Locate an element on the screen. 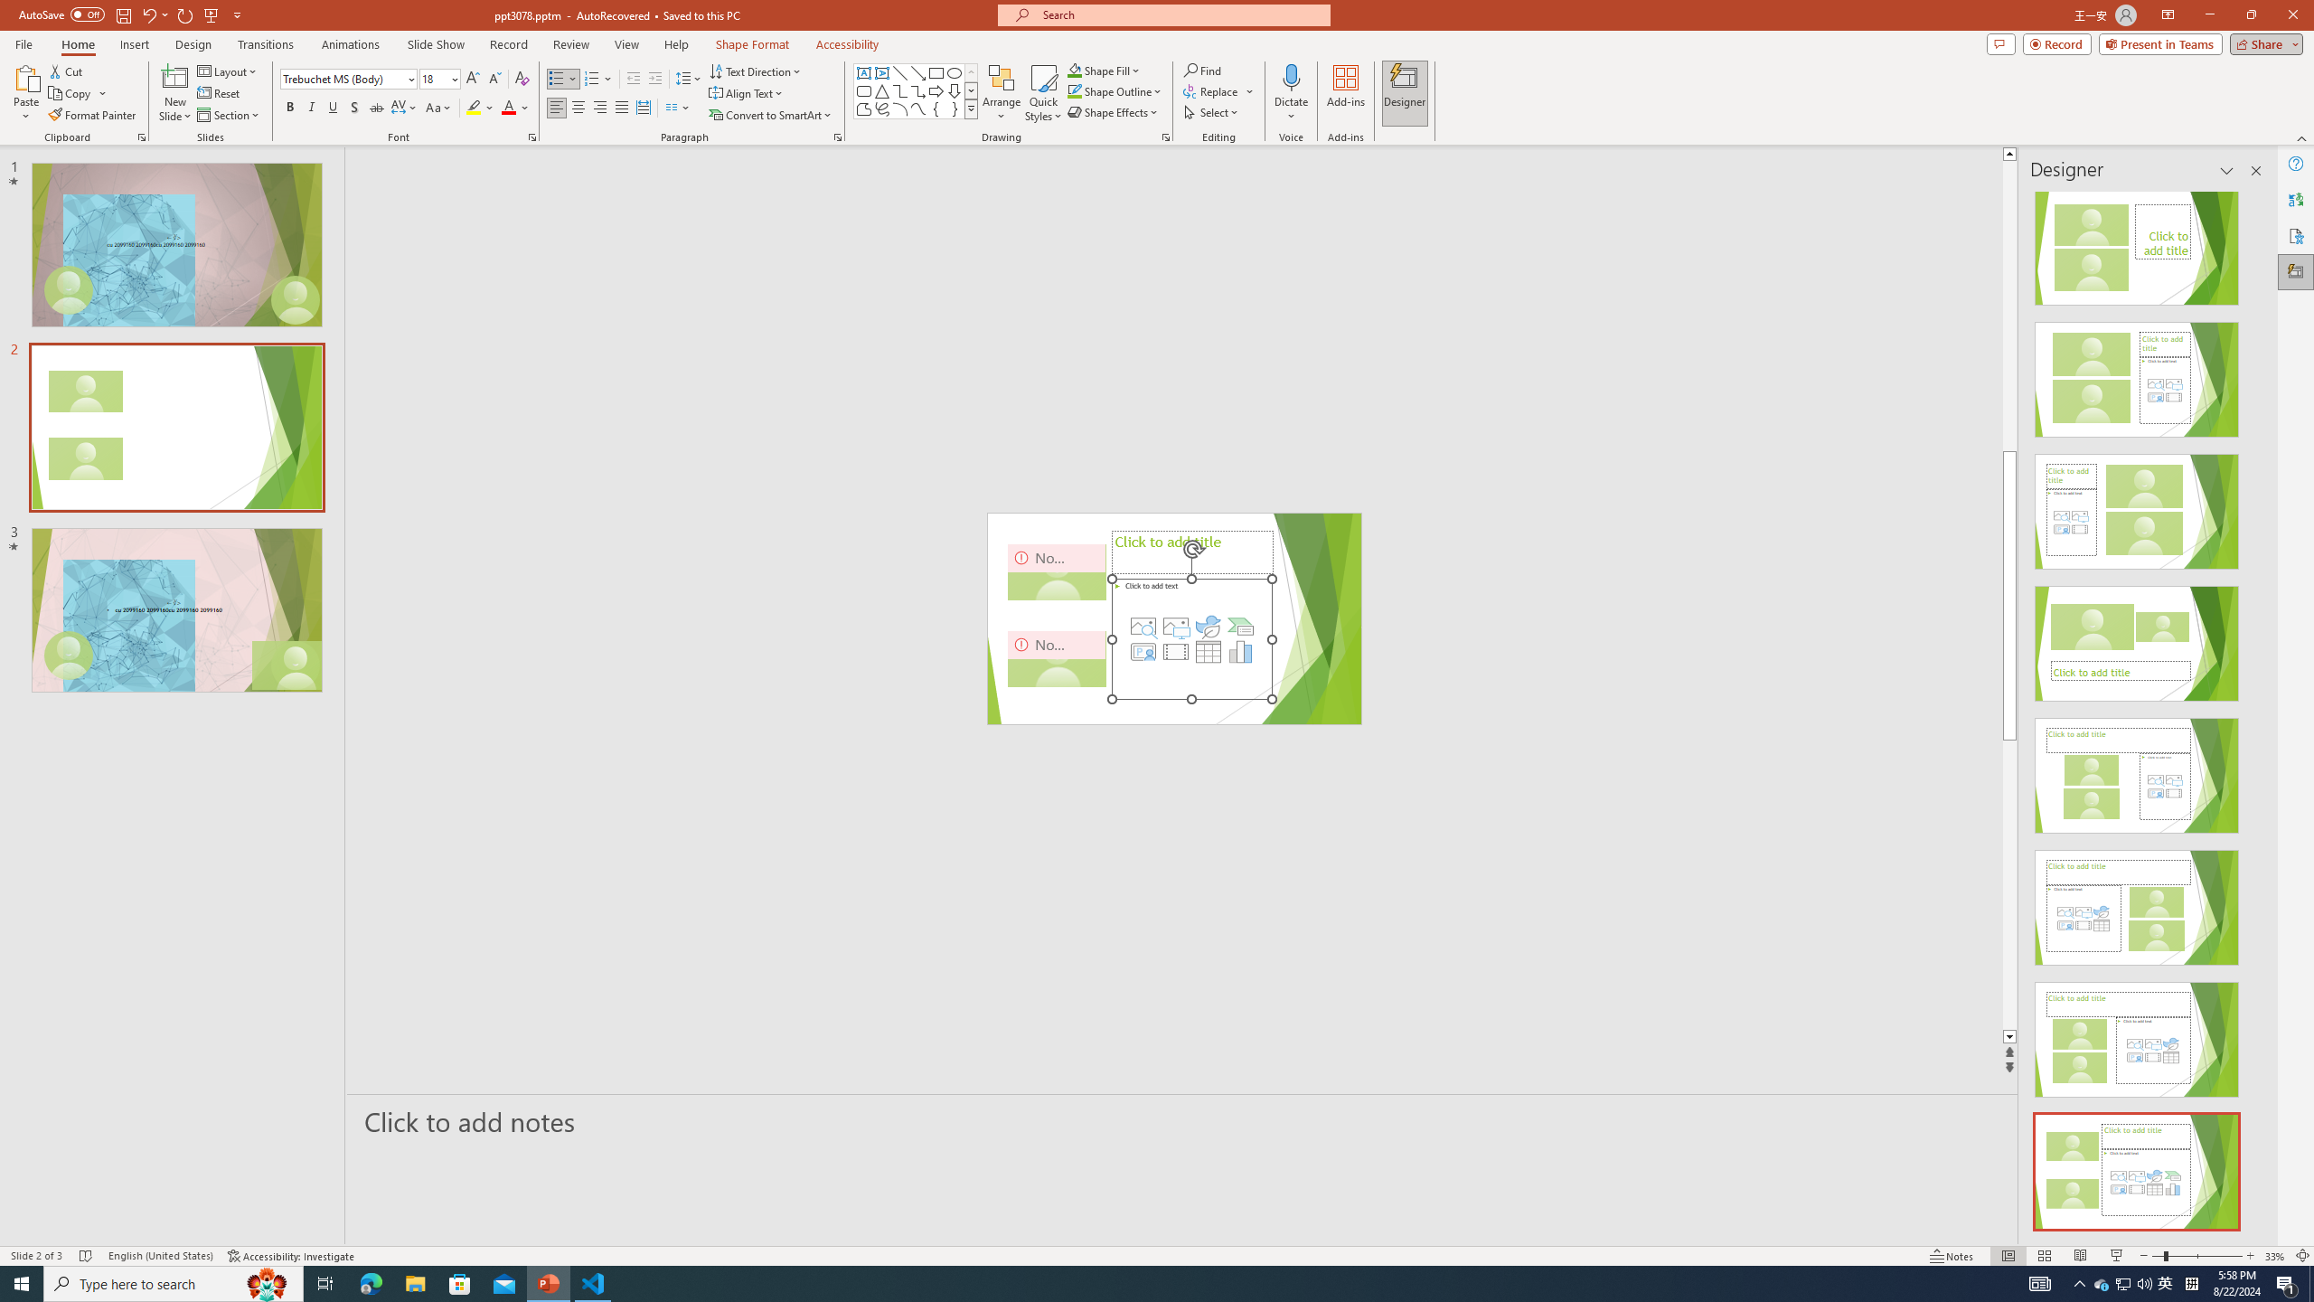 The height and width of the screenshot is (1302, 2314). 'Recommended Design: Design Idea' is located at coordinates (2137, 241).